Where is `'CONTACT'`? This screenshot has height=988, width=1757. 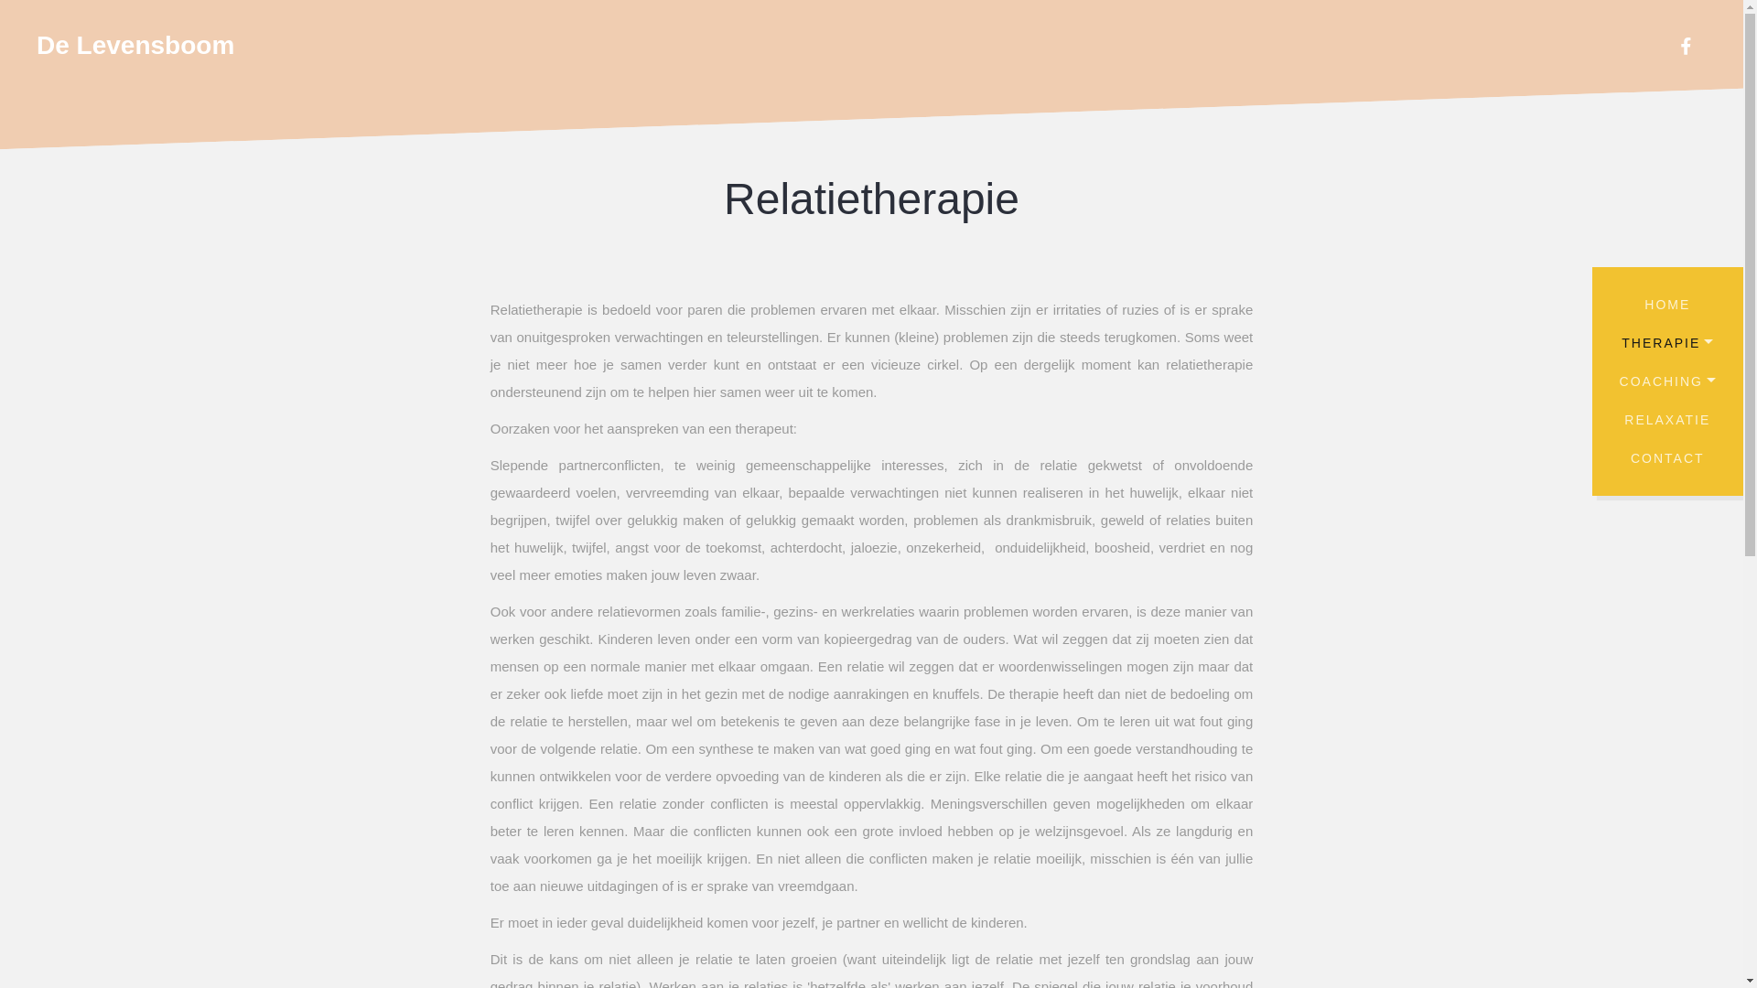
'CONTACT' is located at coordinates (1601, 457).